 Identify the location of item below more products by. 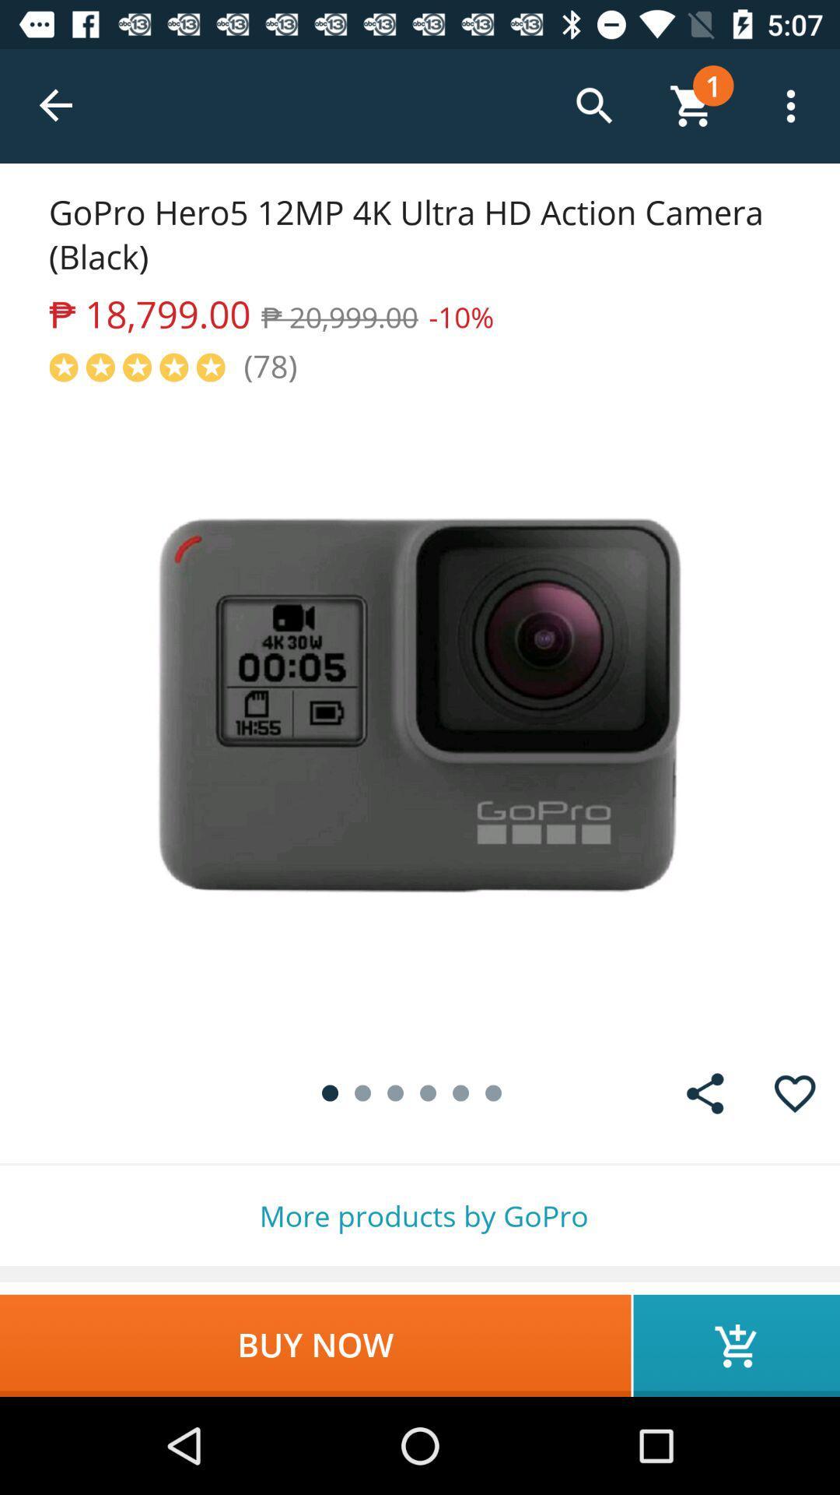
(736, 1345).